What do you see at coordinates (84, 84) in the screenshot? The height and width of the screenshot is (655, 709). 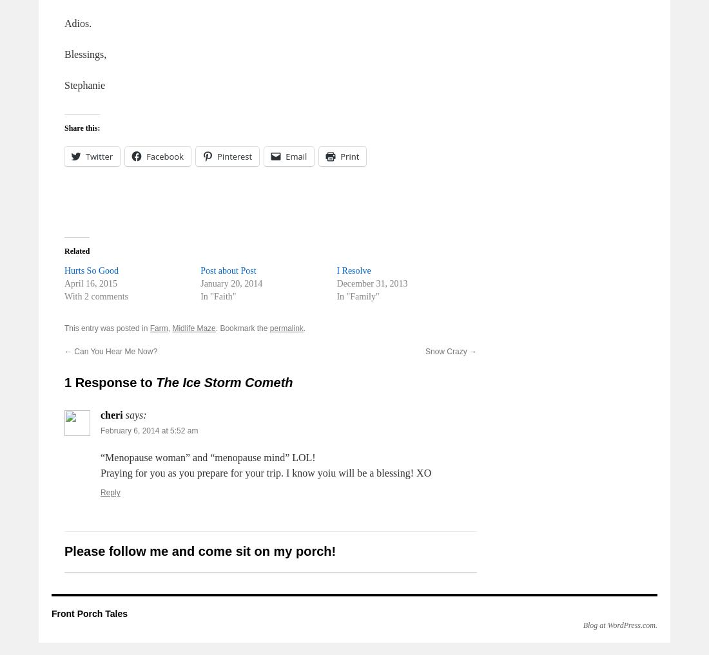 I see `'Stephanie'` at bounding box center [84, 84].